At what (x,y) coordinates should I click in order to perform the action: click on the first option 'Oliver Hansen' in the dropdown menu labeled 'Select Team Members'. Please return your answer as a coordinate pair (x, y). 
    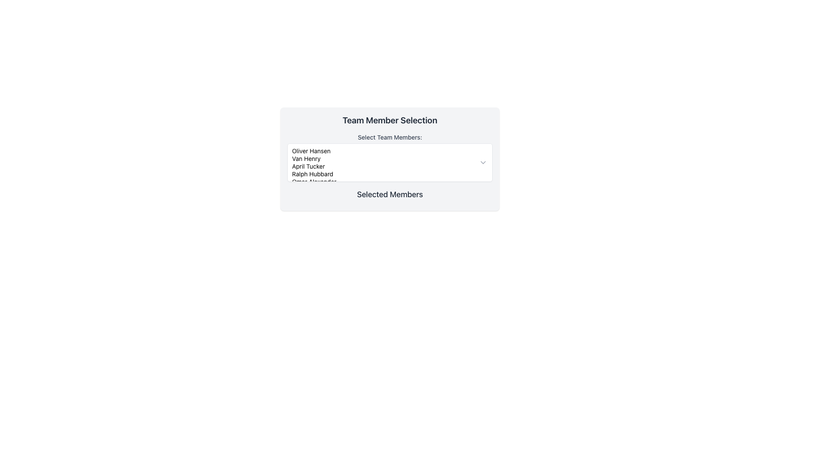
    Looking at the image, I should click on (383, 151).